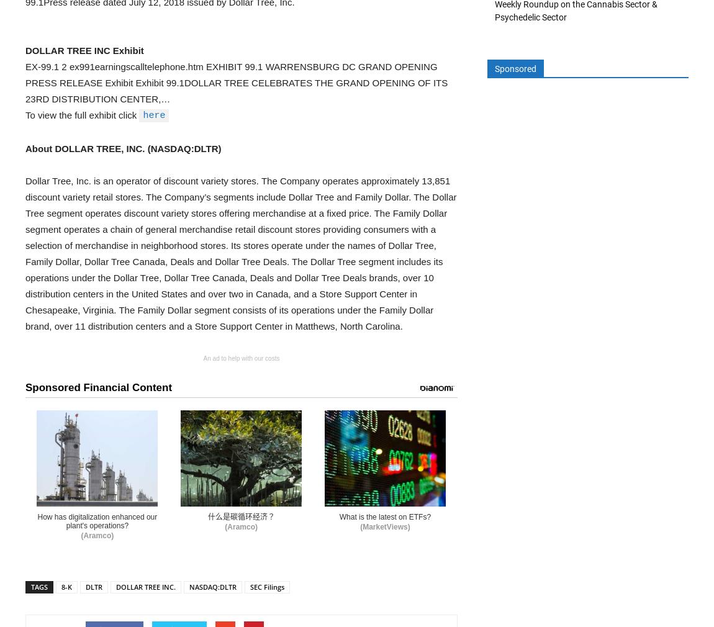 The width and height of the screenshot is (714, 627). What do you see at coordinates (153, 115) in the screenshot?
I see `'here'` at bounding box center [153, 115].